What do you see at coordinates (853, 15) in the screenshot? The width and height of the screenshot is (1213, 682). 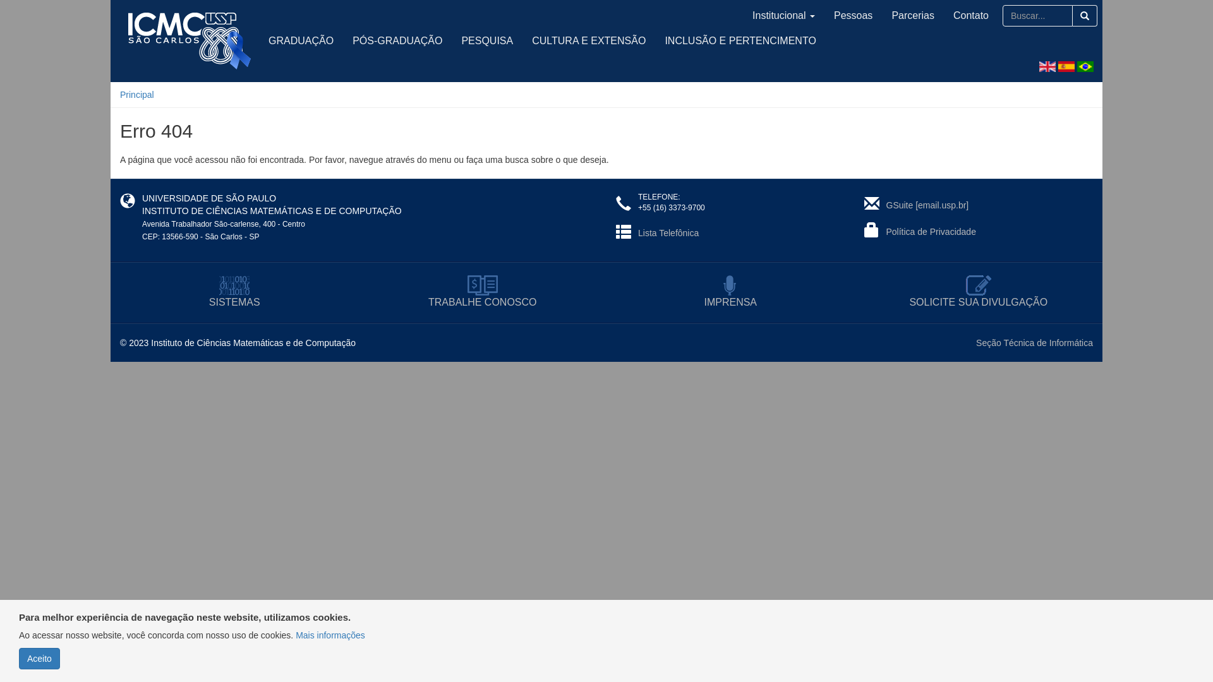 I see `'Pessoas'` at bounding box center [853, 15].